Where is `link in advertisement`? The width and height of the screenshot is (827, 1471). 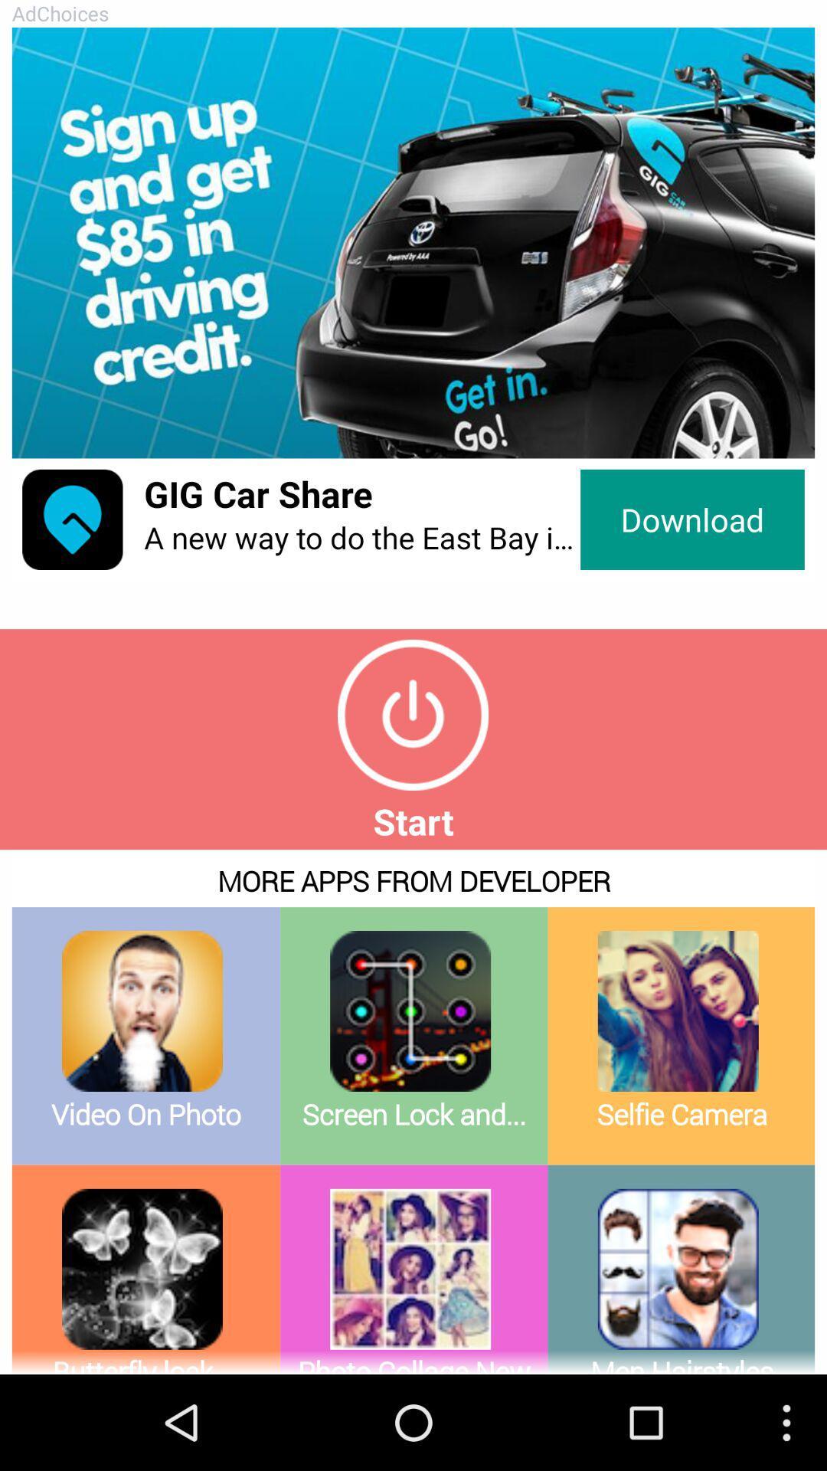 link in advertisement is located at coordinates (413, 242).